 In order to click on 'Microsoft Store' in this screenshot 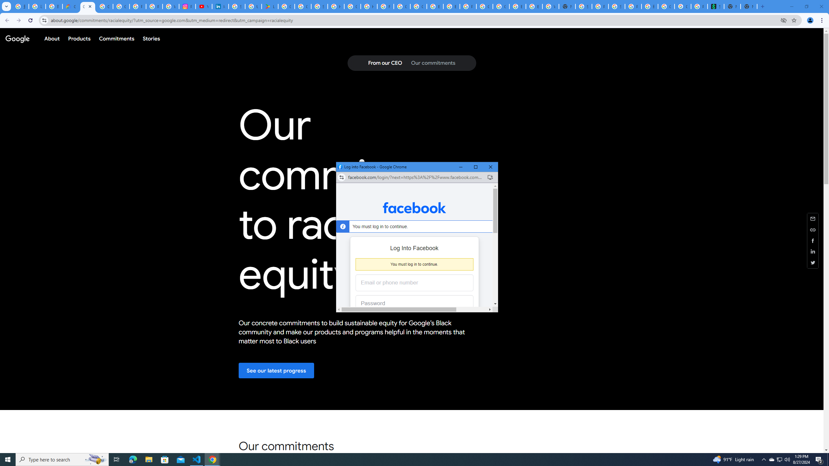, I will do `click(165, 459)`.